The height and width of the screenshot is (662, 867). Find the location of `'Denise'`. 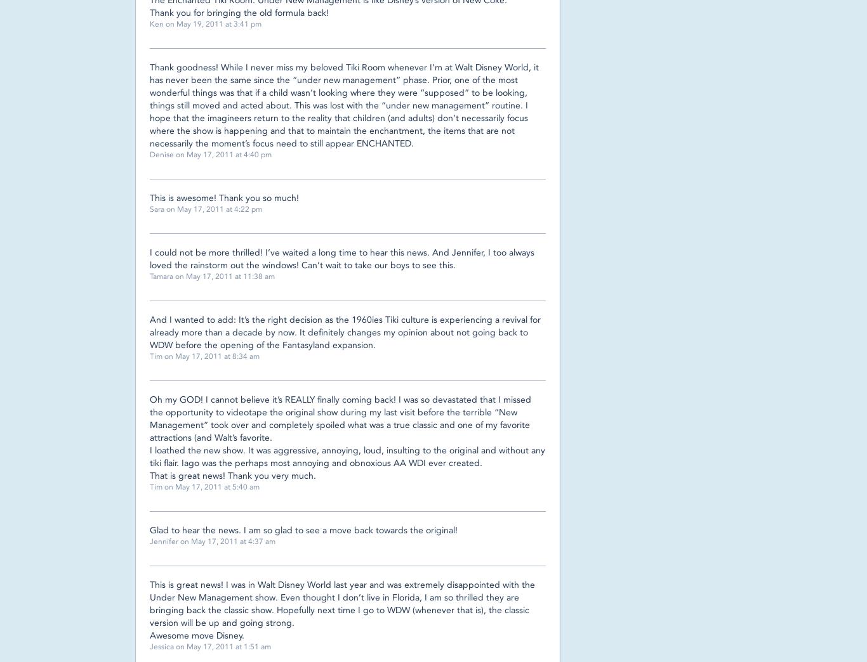

'Denise' is located at coordinates (150, 154).